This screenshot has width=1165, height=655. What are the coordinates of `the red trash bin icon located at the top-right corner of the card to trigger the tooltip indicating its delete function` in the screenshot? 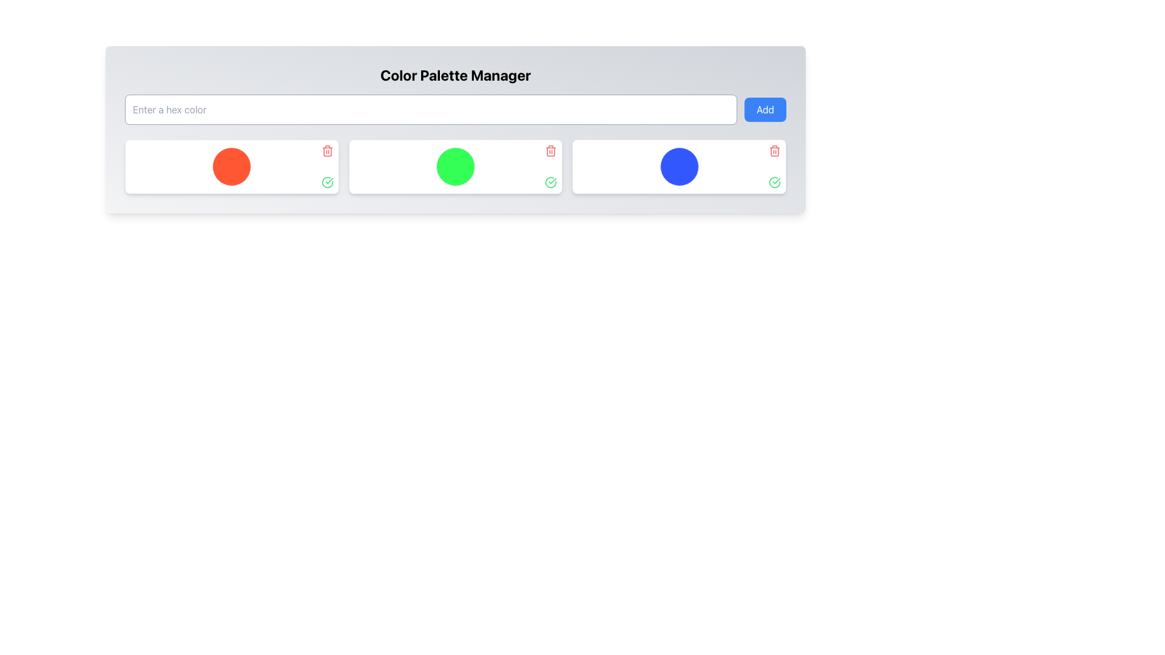 It's located at (550, 150).